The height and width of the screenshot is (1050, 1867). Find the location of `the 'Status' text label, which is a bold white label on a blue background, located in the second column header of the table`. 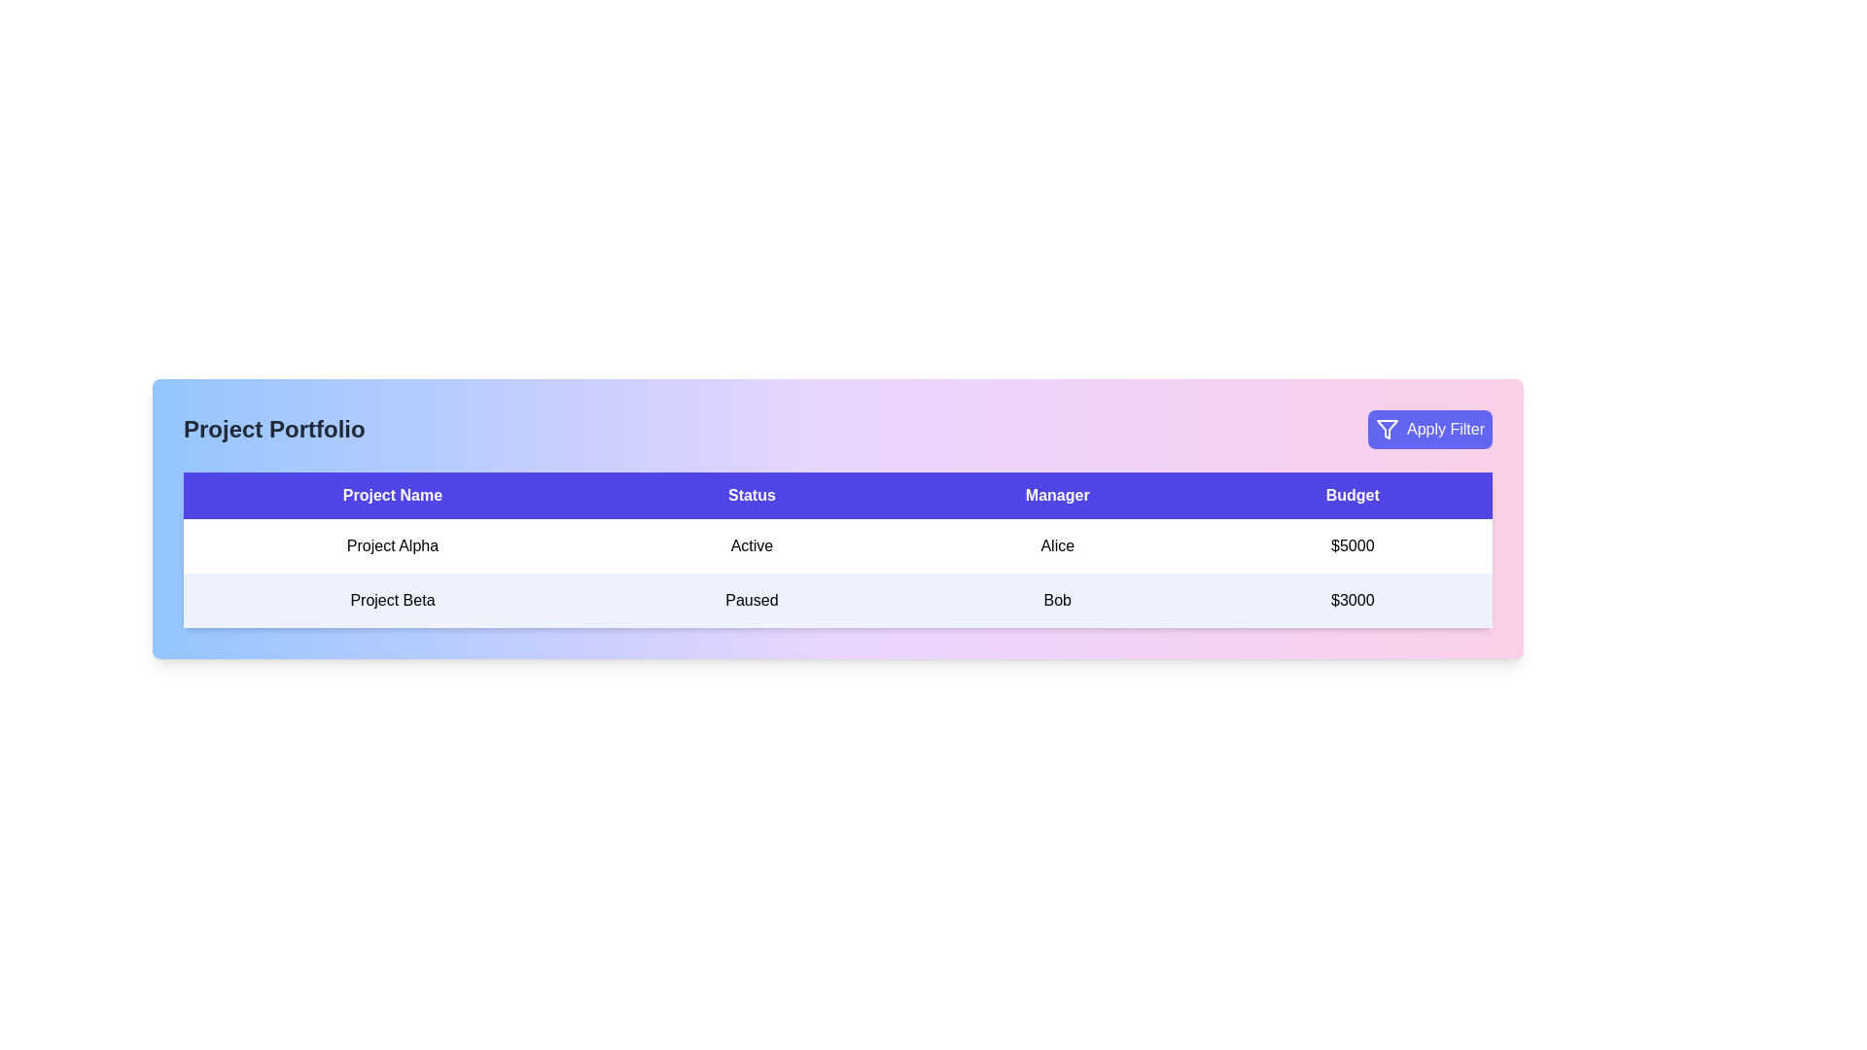

the 'Status' text label, which is a bold white label on a blue background, located in the second column header of the table is located at coordinates (751, 494).